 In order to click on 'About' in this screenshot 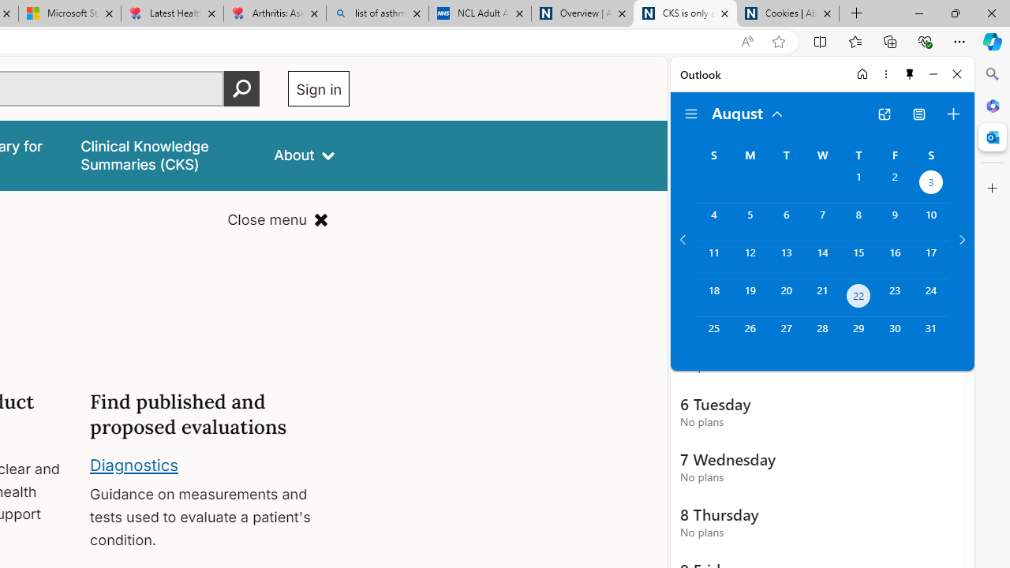, I will do `click(305, 155)`.